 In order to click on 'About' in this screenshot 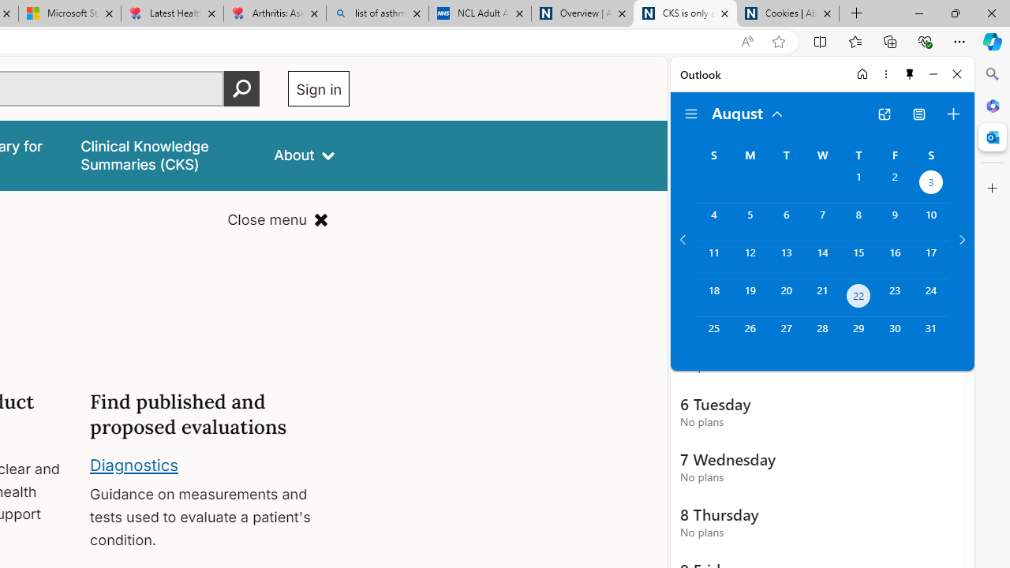, I will do `click(305, 155)`.